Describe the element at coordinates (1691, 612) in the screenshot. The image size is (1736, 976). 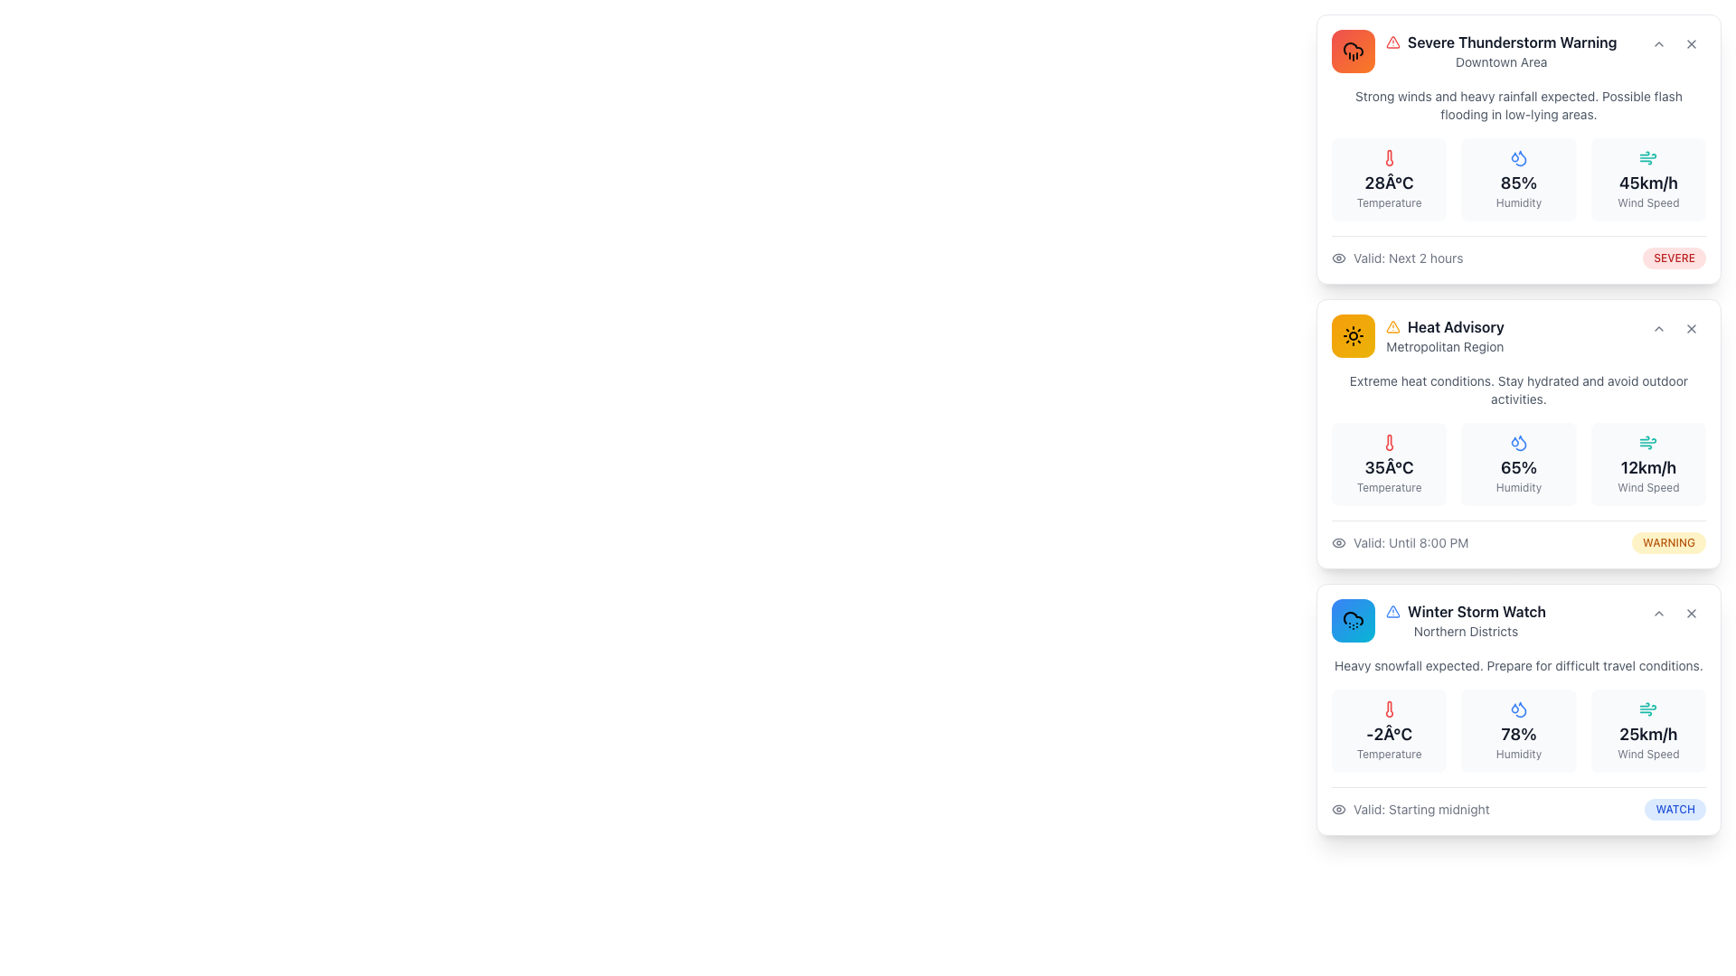
I see `the close button located in the top-right corner of the 'Winter Storm Watch' card, which is the second button from the right in the header grouping of interactive elements` at that location.